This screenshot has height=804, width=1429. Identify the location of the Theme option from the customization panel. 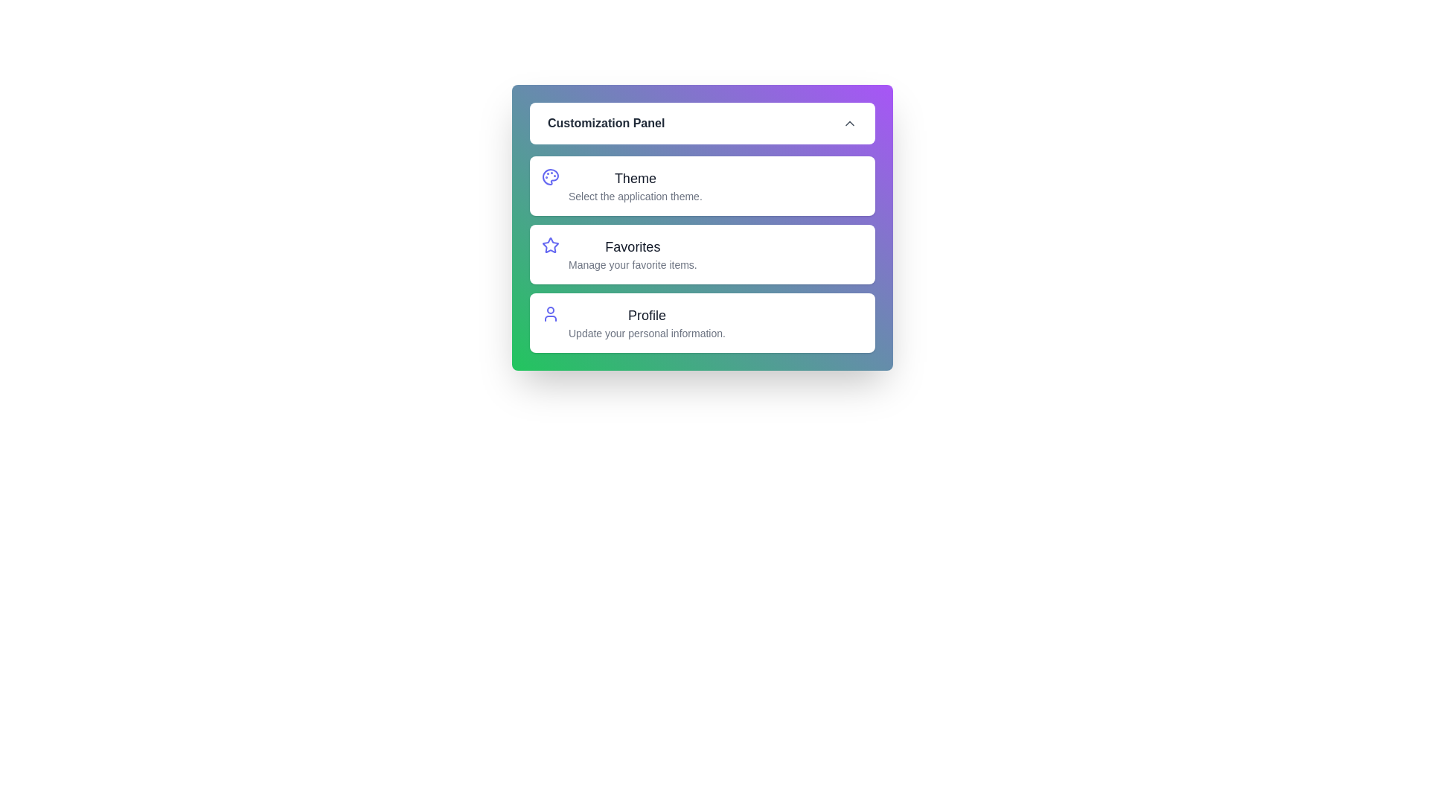
(549, 185).